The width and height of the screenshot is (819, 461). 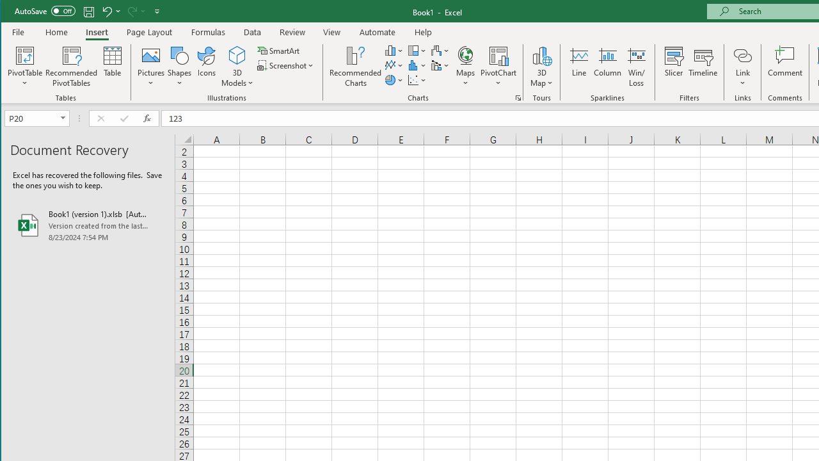 I want to click on 'Line', so click(x=578, y=67).